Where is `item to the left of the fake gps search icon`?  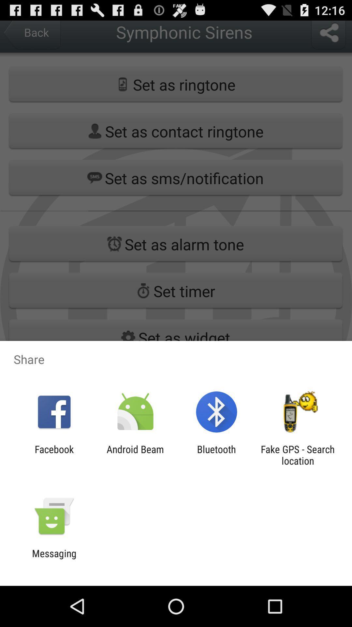 item to the left of the fake gps search icon is located at coordinates (216, 455).